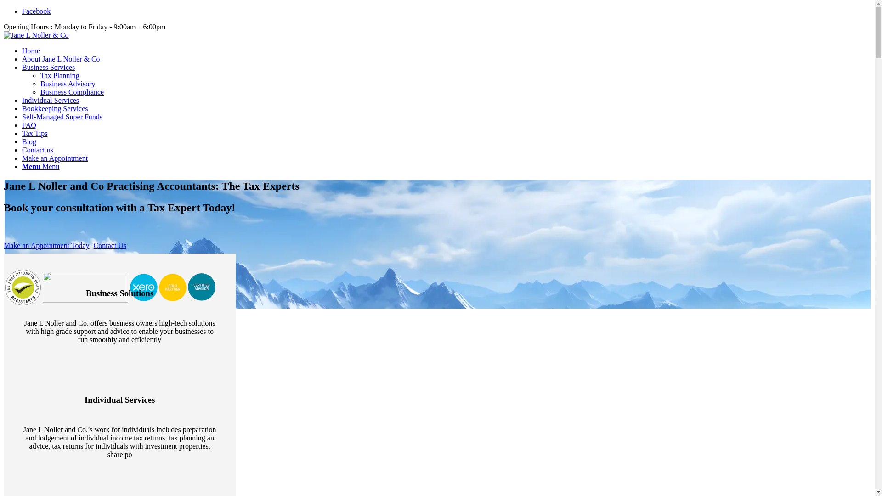 This screenshot has width=882, height=496. What do you see at coordinates (62, 116) in the screenshot?
I see `'Self-Managed Super Funds'` at bounding box center [62, 116].